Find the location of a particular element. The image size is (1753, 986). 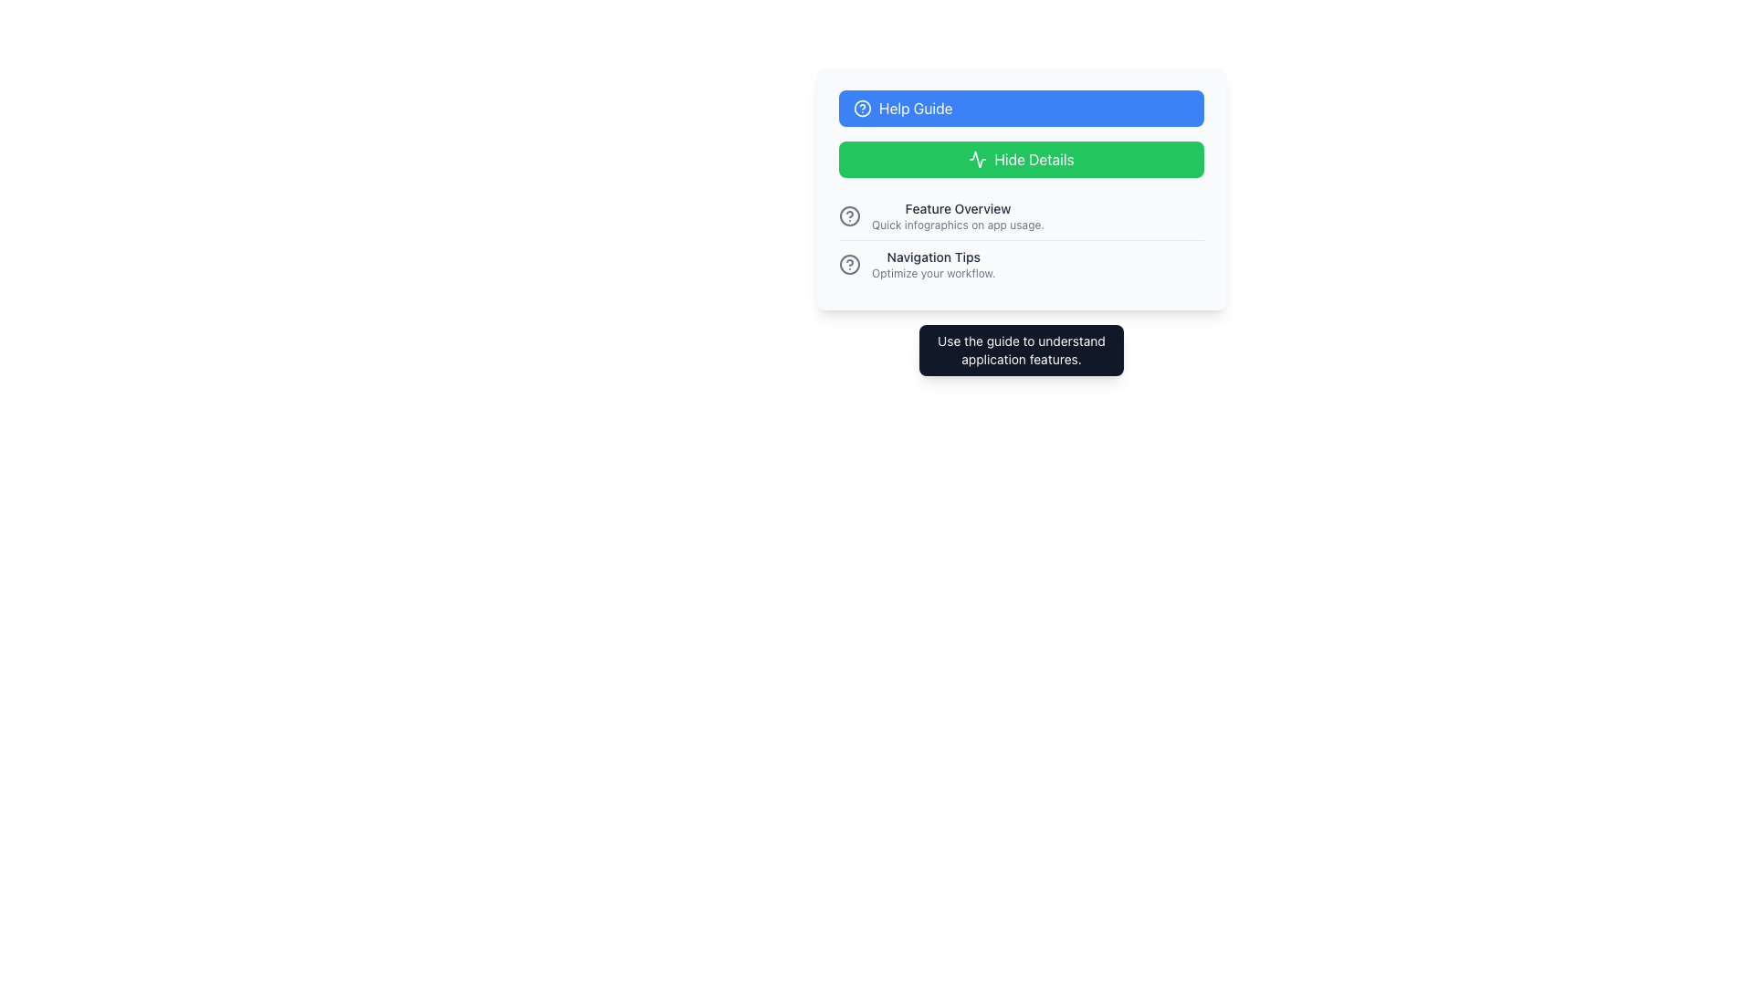

explanatory text 'Optimize your workflow.' which is styled in gray and positioned below the title 'Navigation Tips' in the right section of the interface is located at coordinates (933, 274).